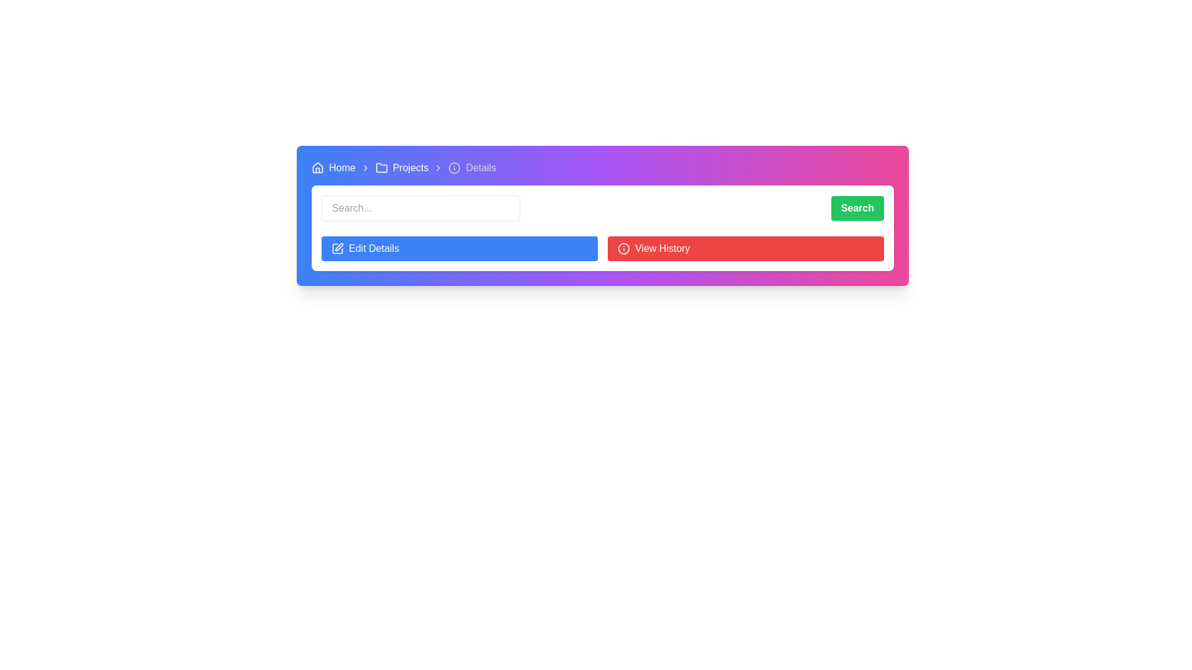 Image resolution: width=1192 pixels, height=670 pixels. What do you see at coordinates (364, 167) in the screenshot?
I see `the separator icon in the breadcrumb navigation that visually distinguishes between the 'Home' and 'Projects' sections` at bounding box center [364, 167].